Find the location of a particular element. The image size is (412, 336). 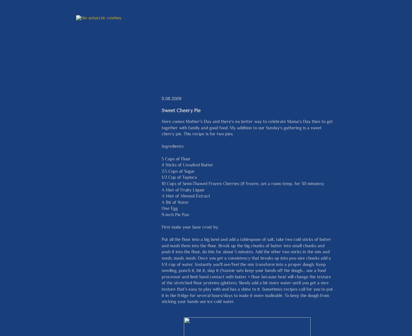

'Sweet Cheery Pie' is located at coordinates (181, 110).